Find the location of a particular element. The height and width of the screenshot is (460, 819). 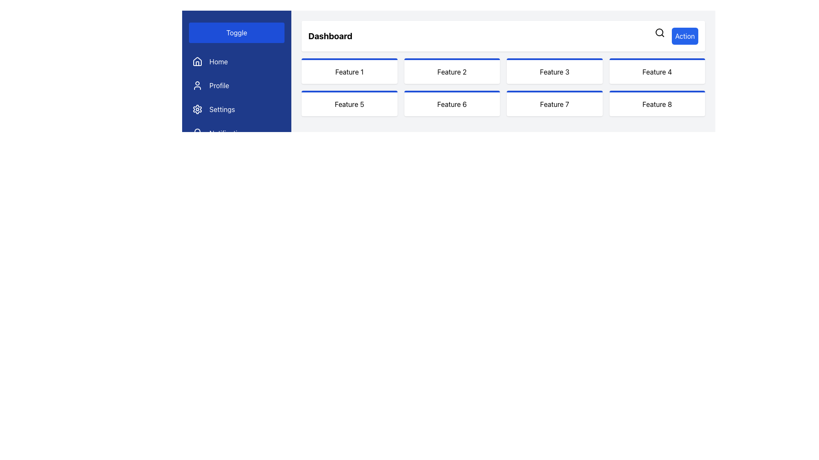

text displayed on the 'Settings' menu option label, which is located between the 'Profile' and 'Notifications' menu options in the vertical menu bar is located at coordinates (222, 109).